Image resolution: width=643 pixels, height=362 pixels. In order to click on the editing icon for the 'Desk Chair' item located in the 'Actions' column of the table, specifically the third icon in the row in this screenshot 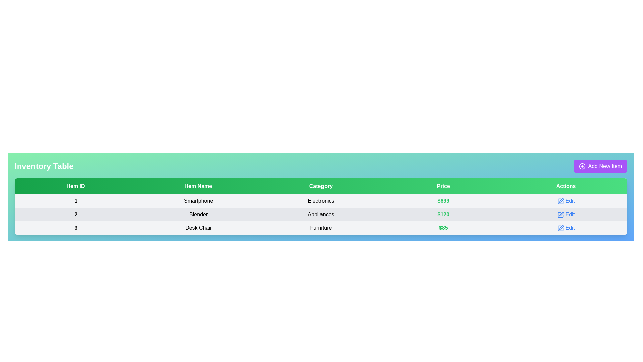, I will do `click(561, 227)`.